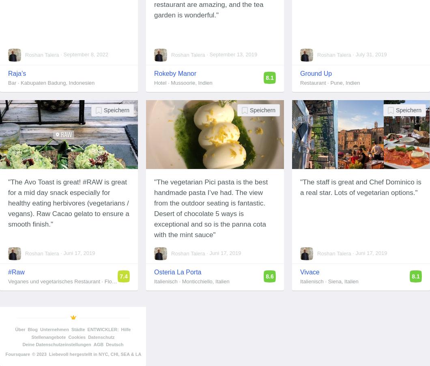 The height and width of the screenshot is (366, 430). What do you see at coordinates (32, 329) in the screenshot?
I see `'Blog'` at bounding box center [32, 329].